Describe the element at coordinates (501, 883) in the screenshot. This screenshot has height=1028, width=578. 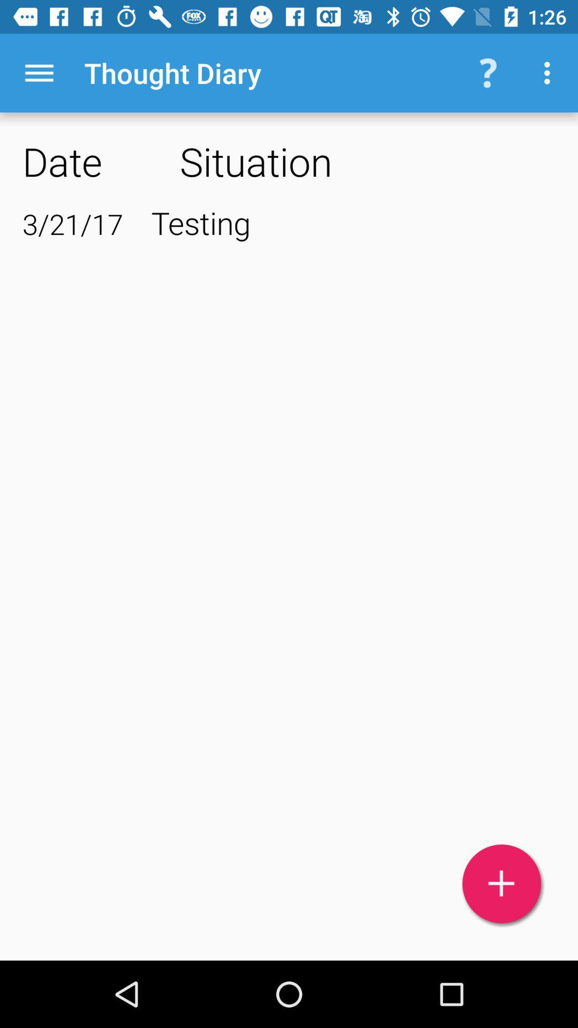
I see `the item at the bottom right corner` at that location.